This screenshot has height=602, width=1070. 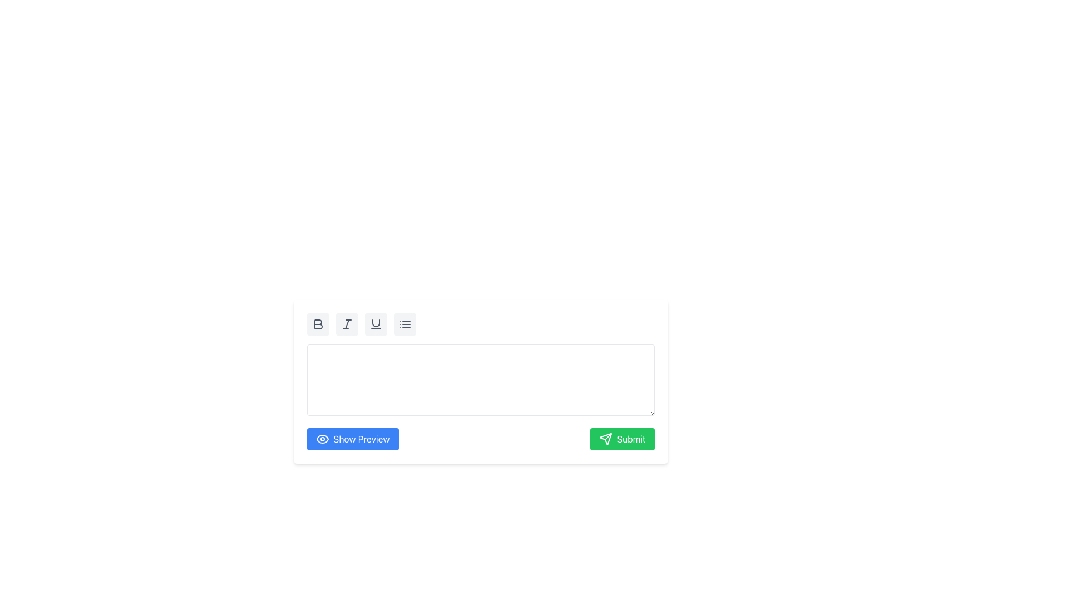 What do you see at coordinates (605, 438) in the screenshot?
I see `the icon representing an action or direction for sending or submitting content, located in the bottom-right corner of the interface` at bounding box center [605, 438].